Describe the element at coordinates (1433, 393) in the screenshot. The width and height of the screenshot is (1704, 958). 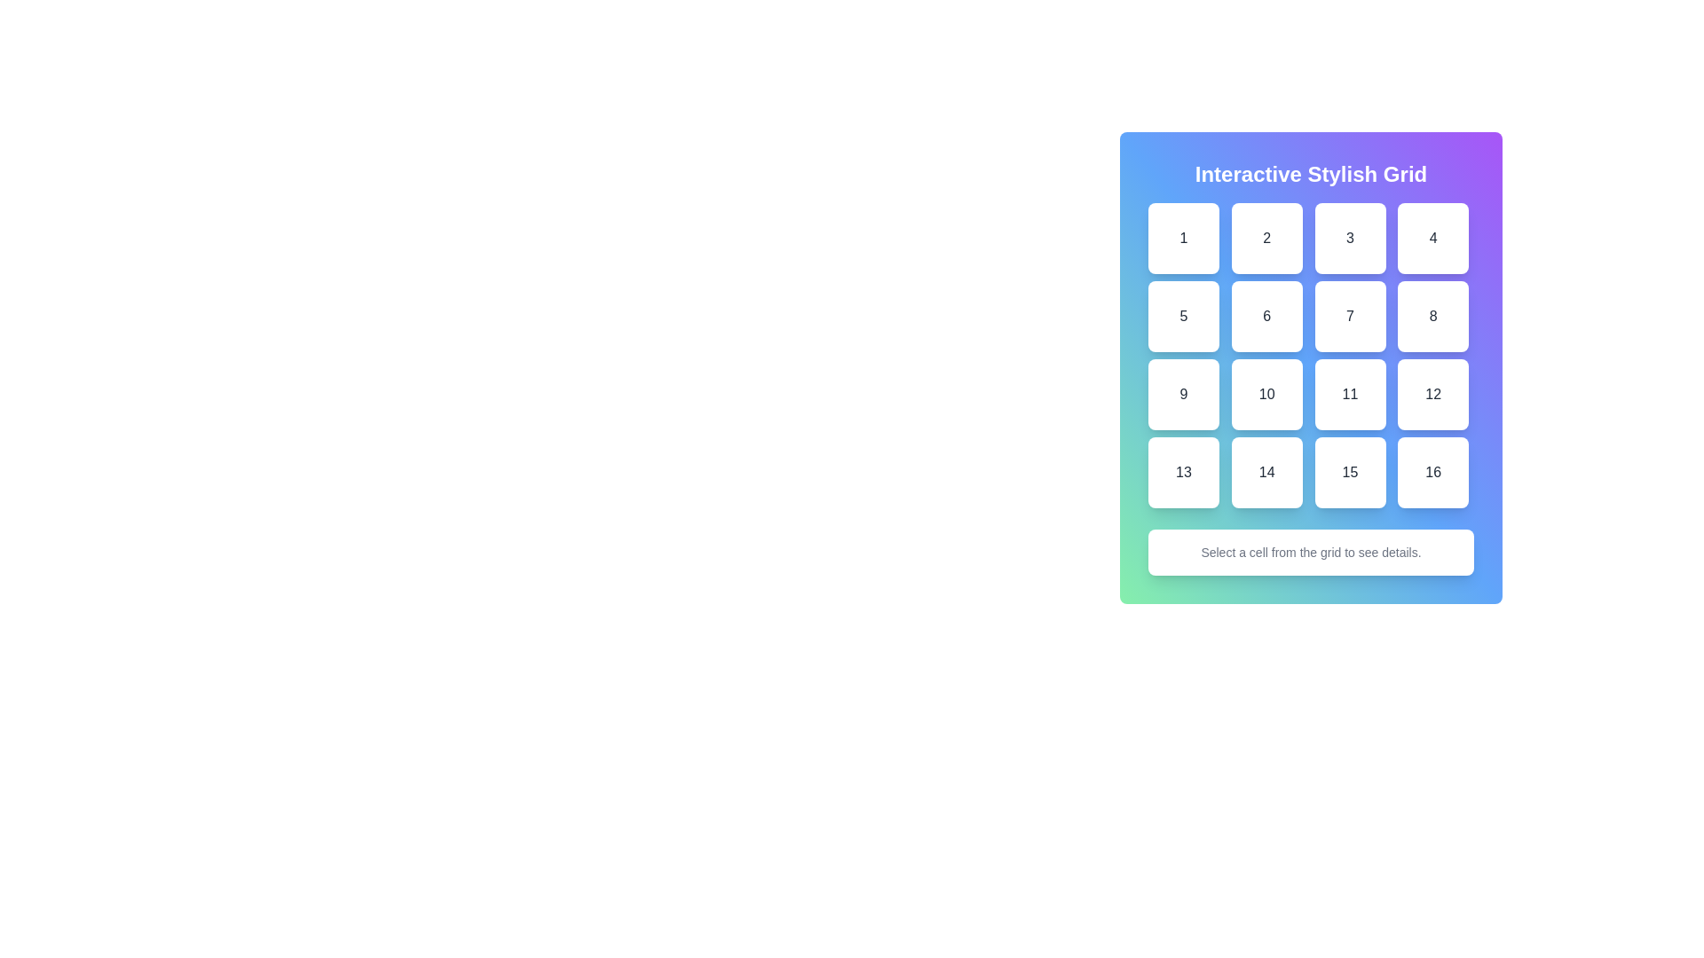
I see `the button representing the number '12' in the fourth column of the third row of a 4x4 grid layout` at that location.